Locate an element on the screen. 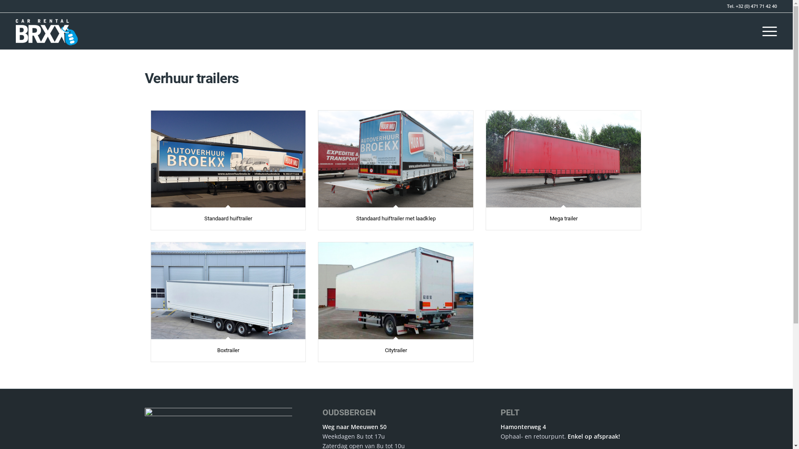 This screenshot has height=449, width=799. 'Standaard huiftrailer met laadklep' is located at coordinates (395, 158).